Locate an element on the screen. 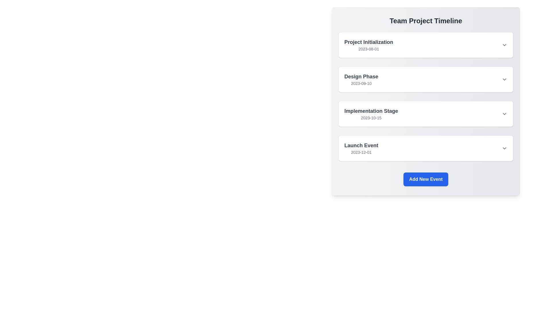 The height and width of the screenshot is (310, 551). the chevron icon located on the far-right side of the row containing 'Project Initialization' is located at coordinates (504, 45).